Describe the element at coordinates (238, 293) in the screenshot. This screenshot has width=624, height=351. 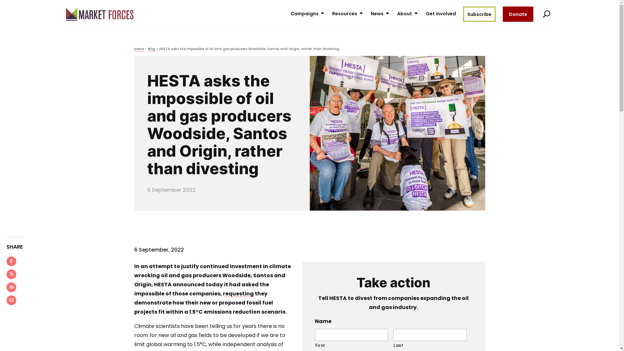
I see `'requesting'` at that location.